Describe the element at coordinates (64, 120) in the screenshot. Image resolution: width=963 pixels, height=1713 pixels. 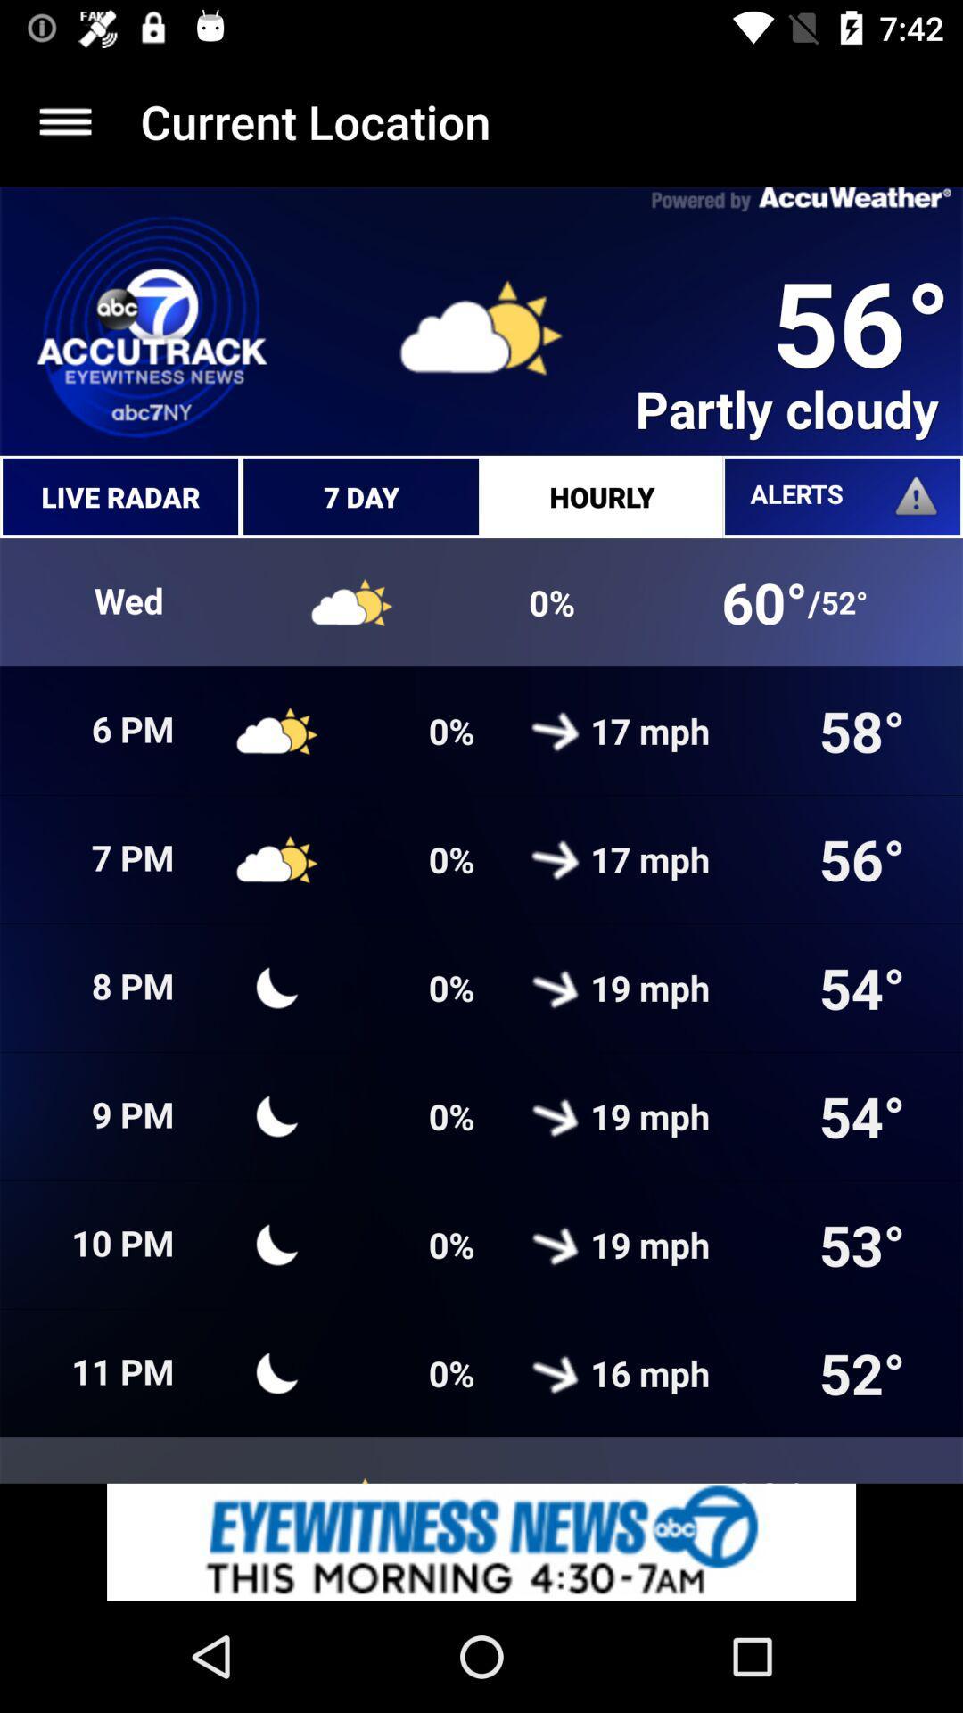
I see `the menu icon` at that location.